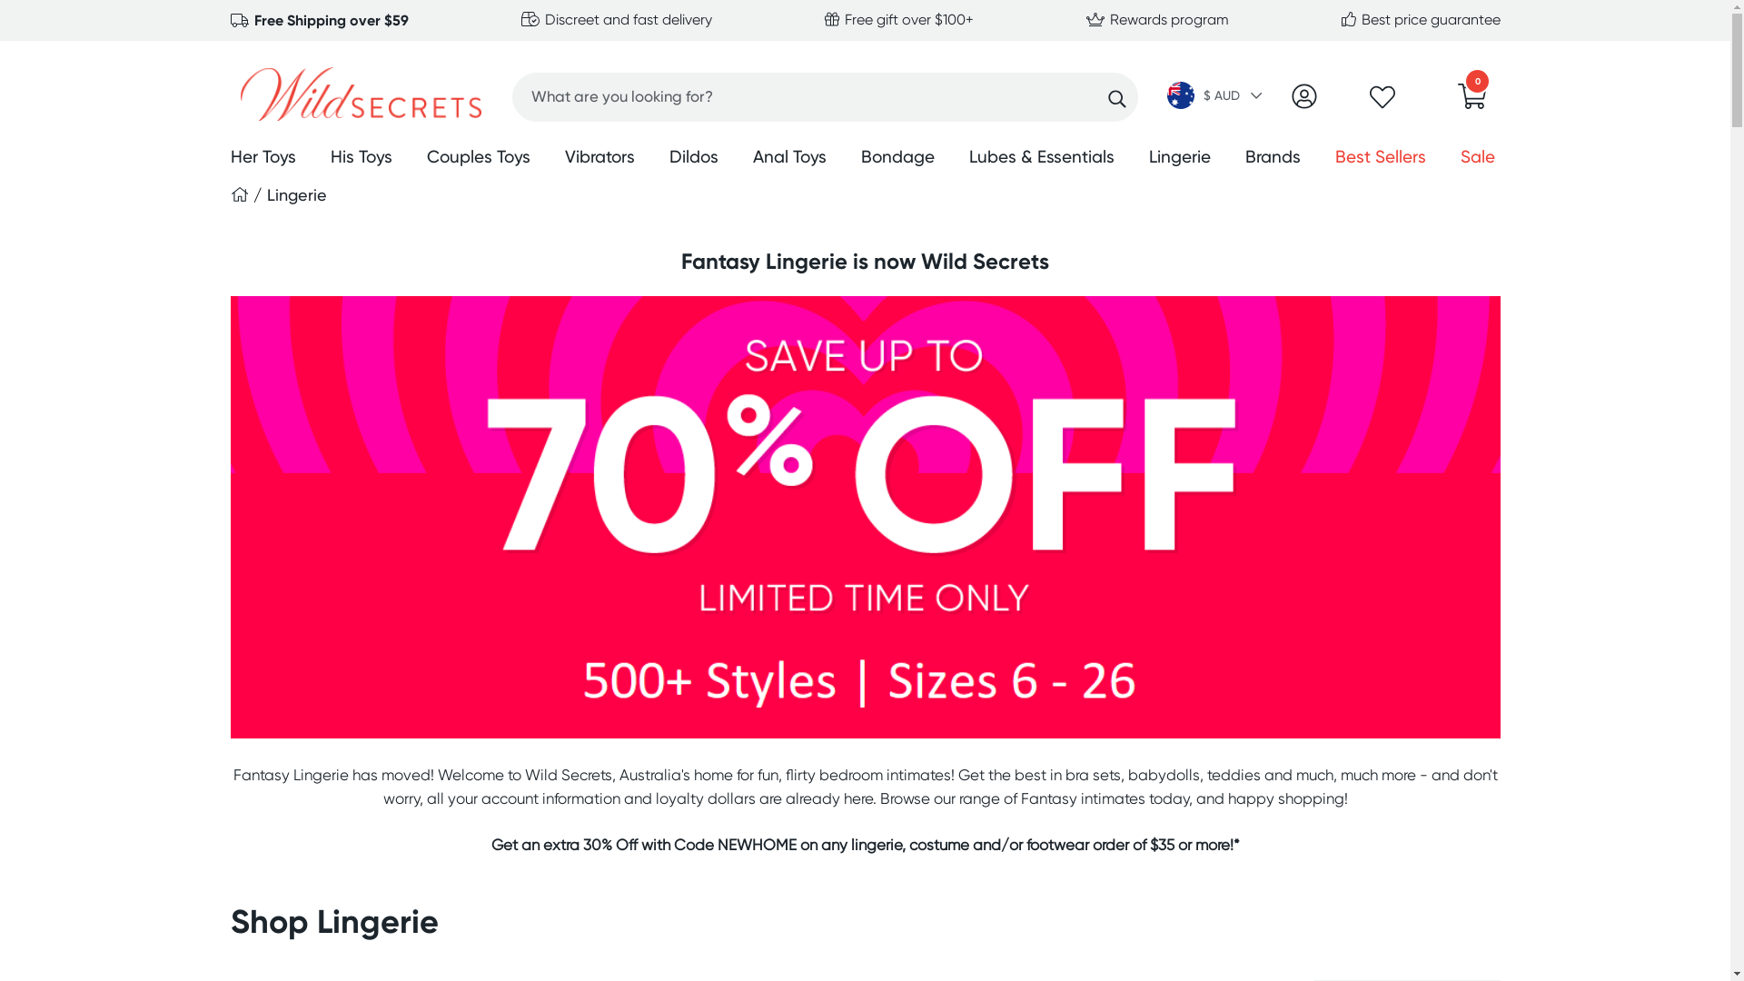 The height and width of the screenshot is (981, 1744). What do you see at coordinates (1472, 101) in the screenshot?
I see `'0'` at bounding box center [1472, 101].